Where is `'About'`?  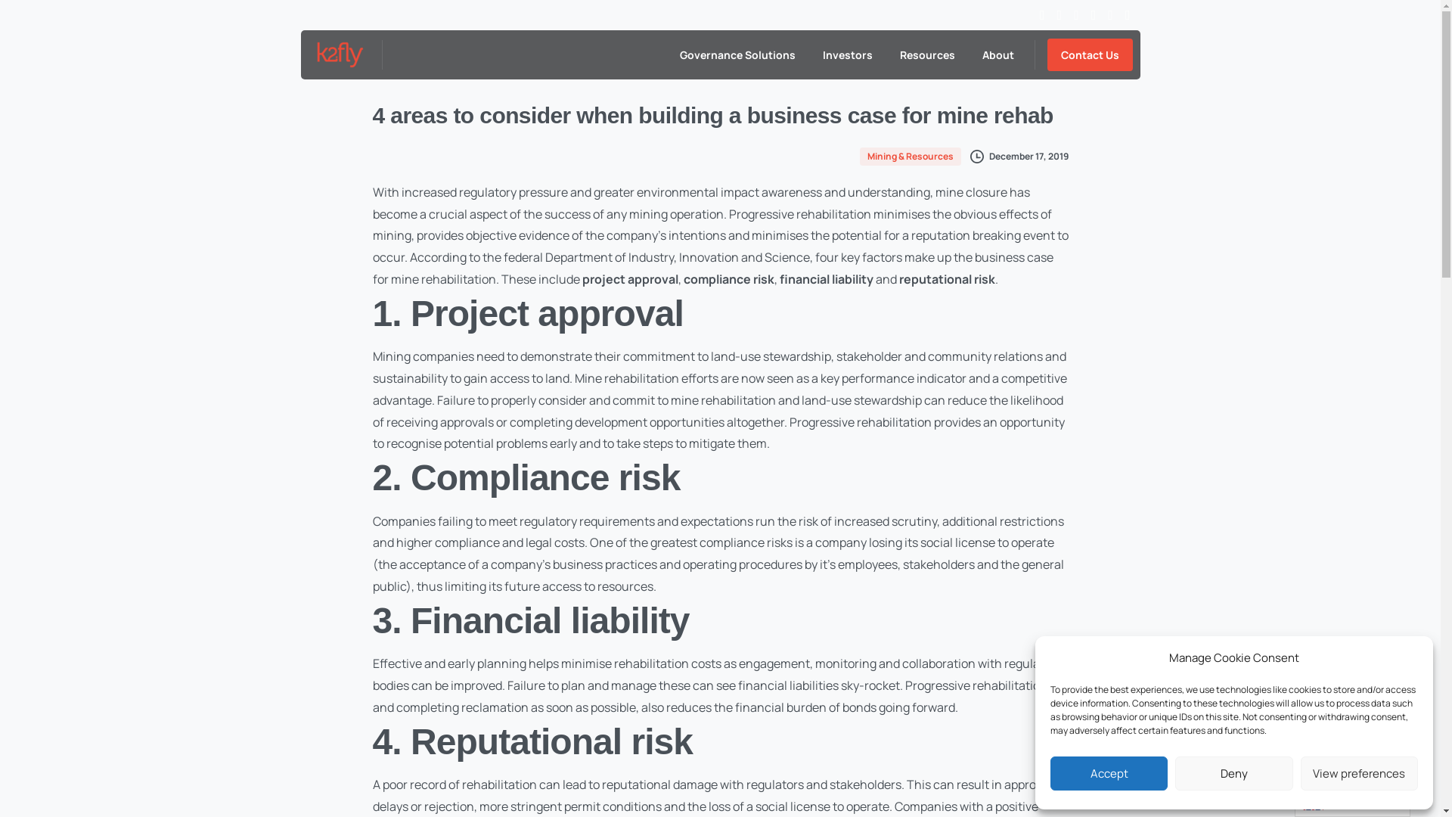 'About' is located at coordinates (997, 54).